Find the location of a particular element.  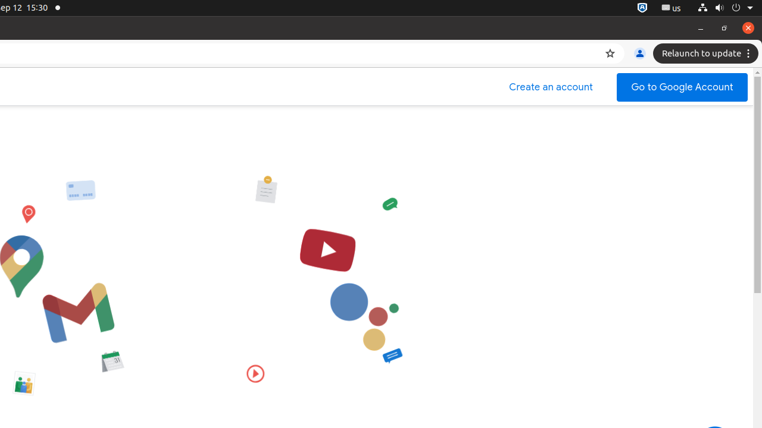

'Go to your Google Account' is located at coordinates (682, 87).